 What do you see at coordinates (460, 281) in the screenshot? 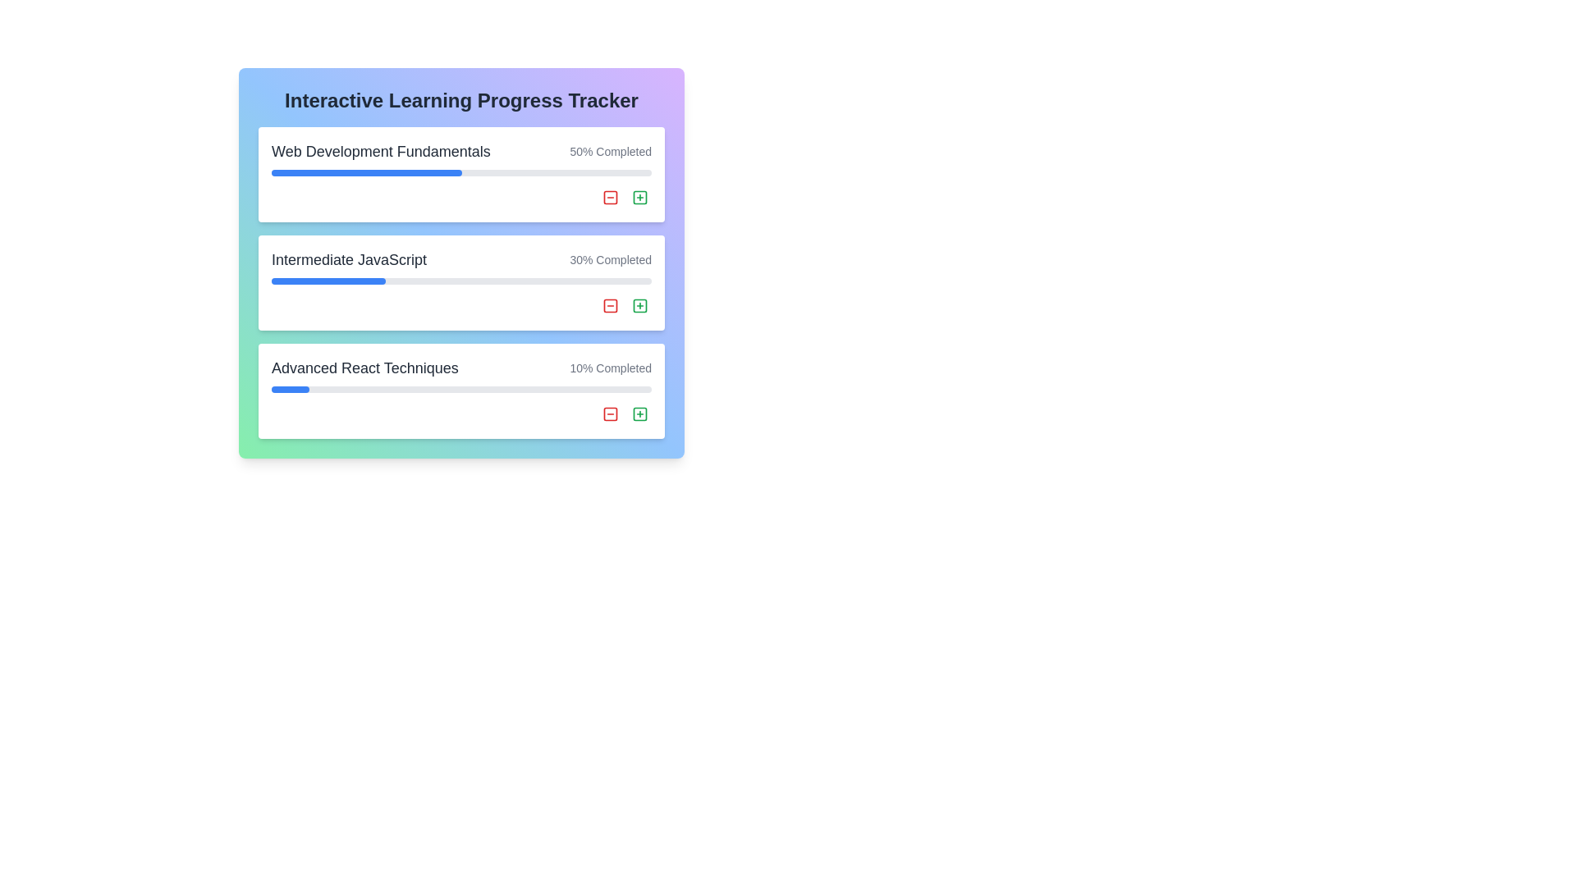
I see `the details of the progress for the 'Intermediate JavaScript' card, which is the second card in a vertical list of three cards and contains a progress bar indicating '30% Completed'` at bounding box center [460, 281].